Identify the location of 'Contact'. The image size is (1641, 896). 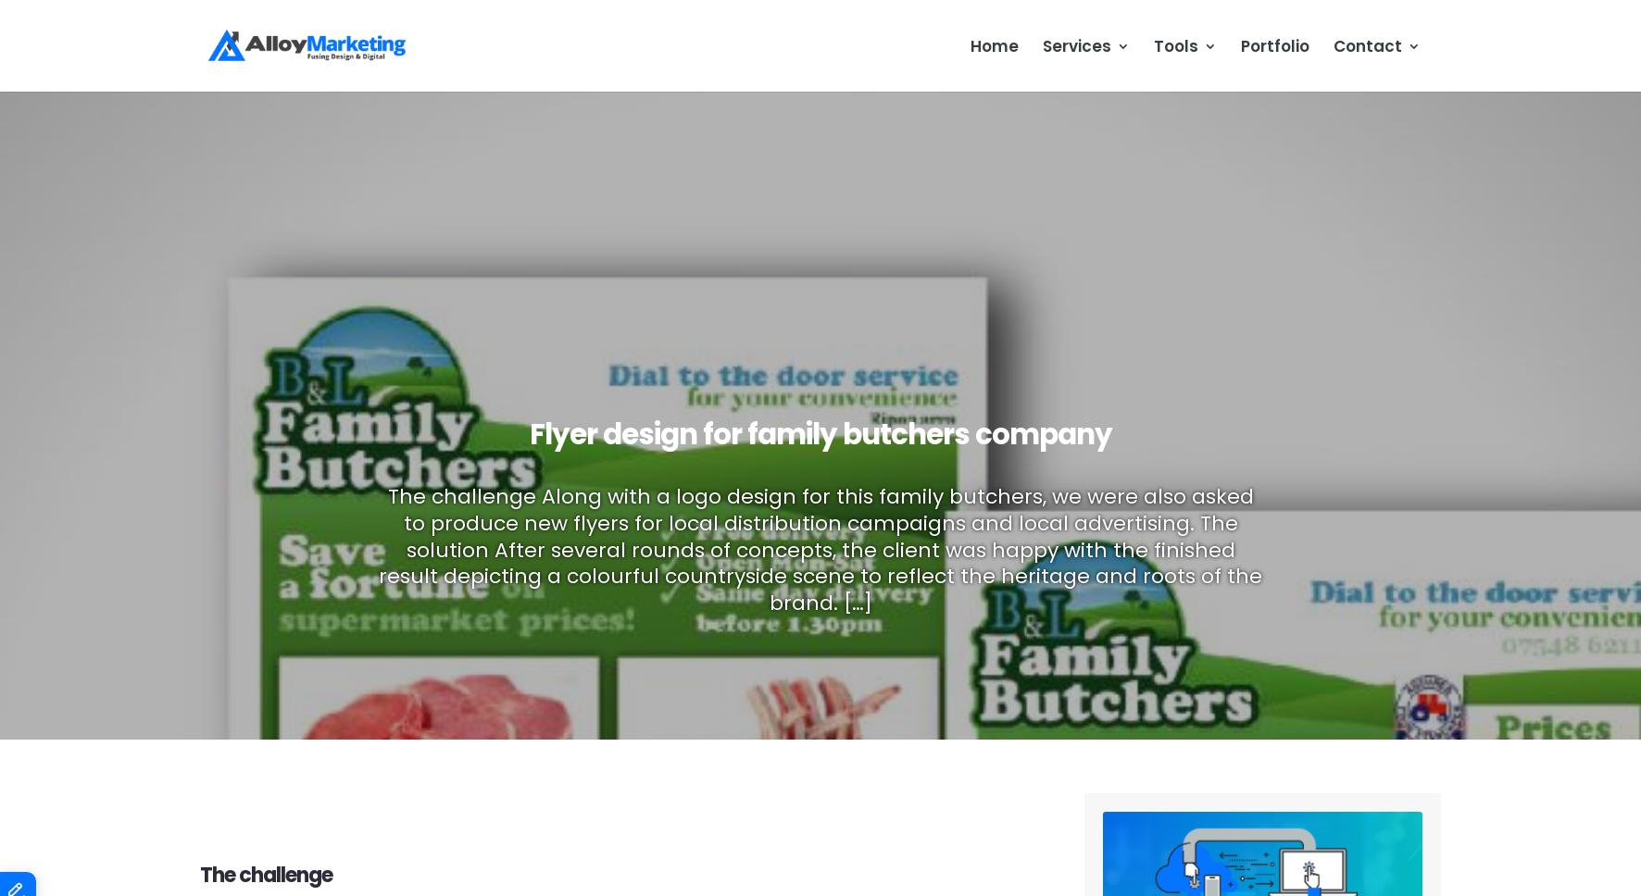
(1367, 44).